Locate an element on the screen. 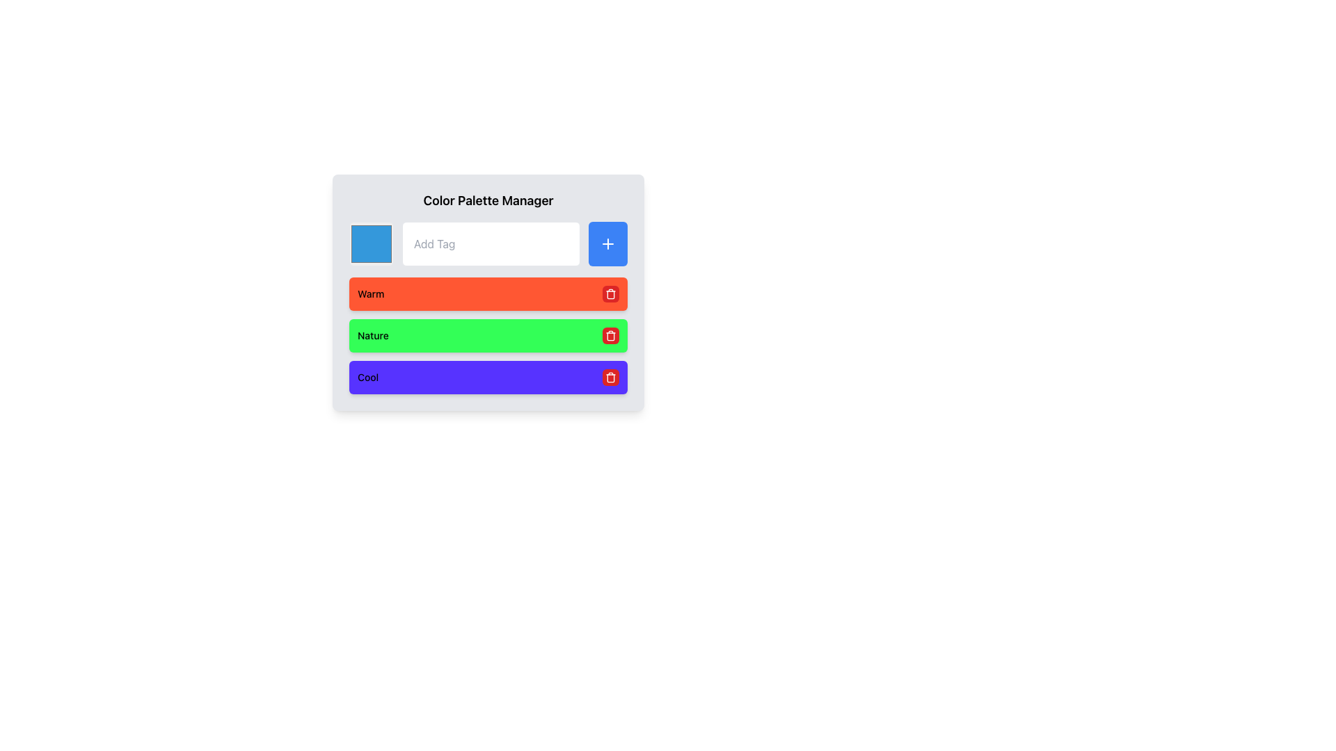 The image size is (1336, 751). the rounded rectangular button with a blue background and white plus icon located at the rightmost side of its group is located at coordinates (607, 243).